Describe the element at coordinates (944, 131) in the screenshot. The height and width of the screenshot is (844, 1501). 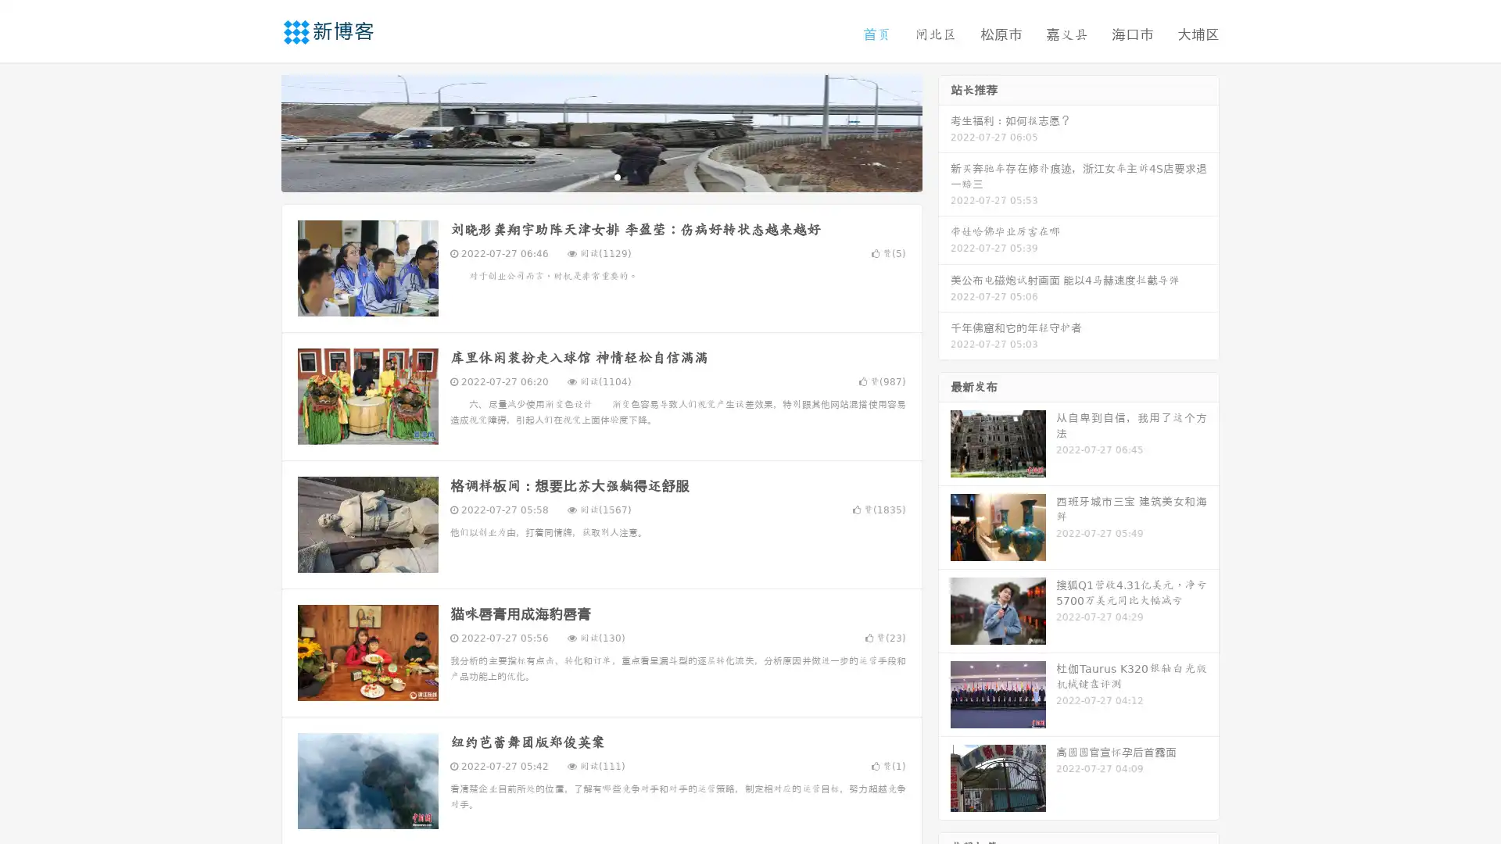
I see `Next slide` at that location.